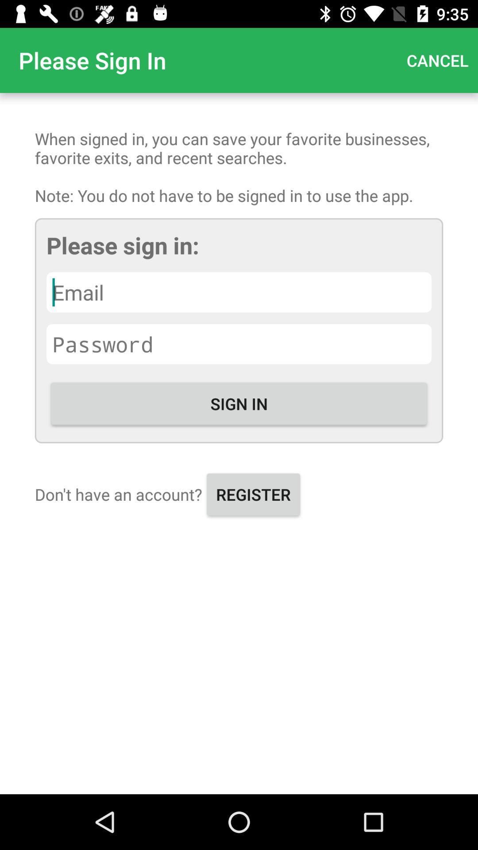 This screenshot has height=850, width=478. Describe the element at coordinates (253, 494) in the screenshot. I see `item next to the don t have item` at that location.